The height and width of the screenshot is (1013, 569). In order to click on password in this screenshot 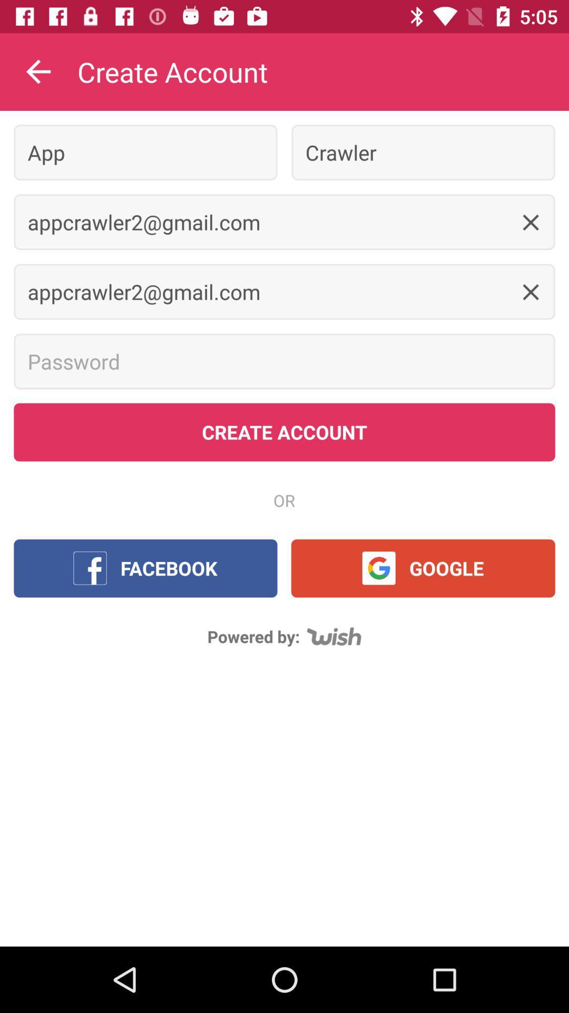, I will do `click(284, 361)`.